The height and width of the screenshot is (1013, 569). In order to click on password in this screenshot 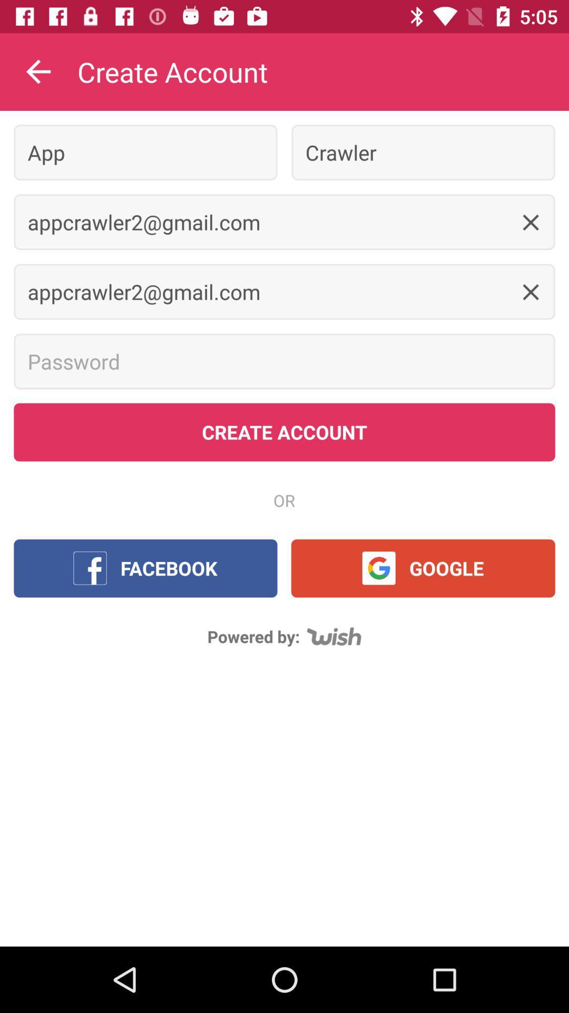, I will do `click(284, 361)`.